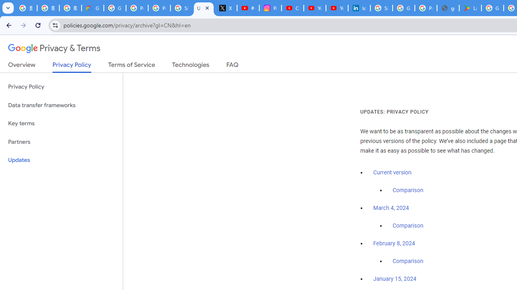 The height and width of the screenshot is (290, 517). Describe the element at coordinates (61, 105) in the screenshot. I see `'Data transfer frameworks'` at that location.